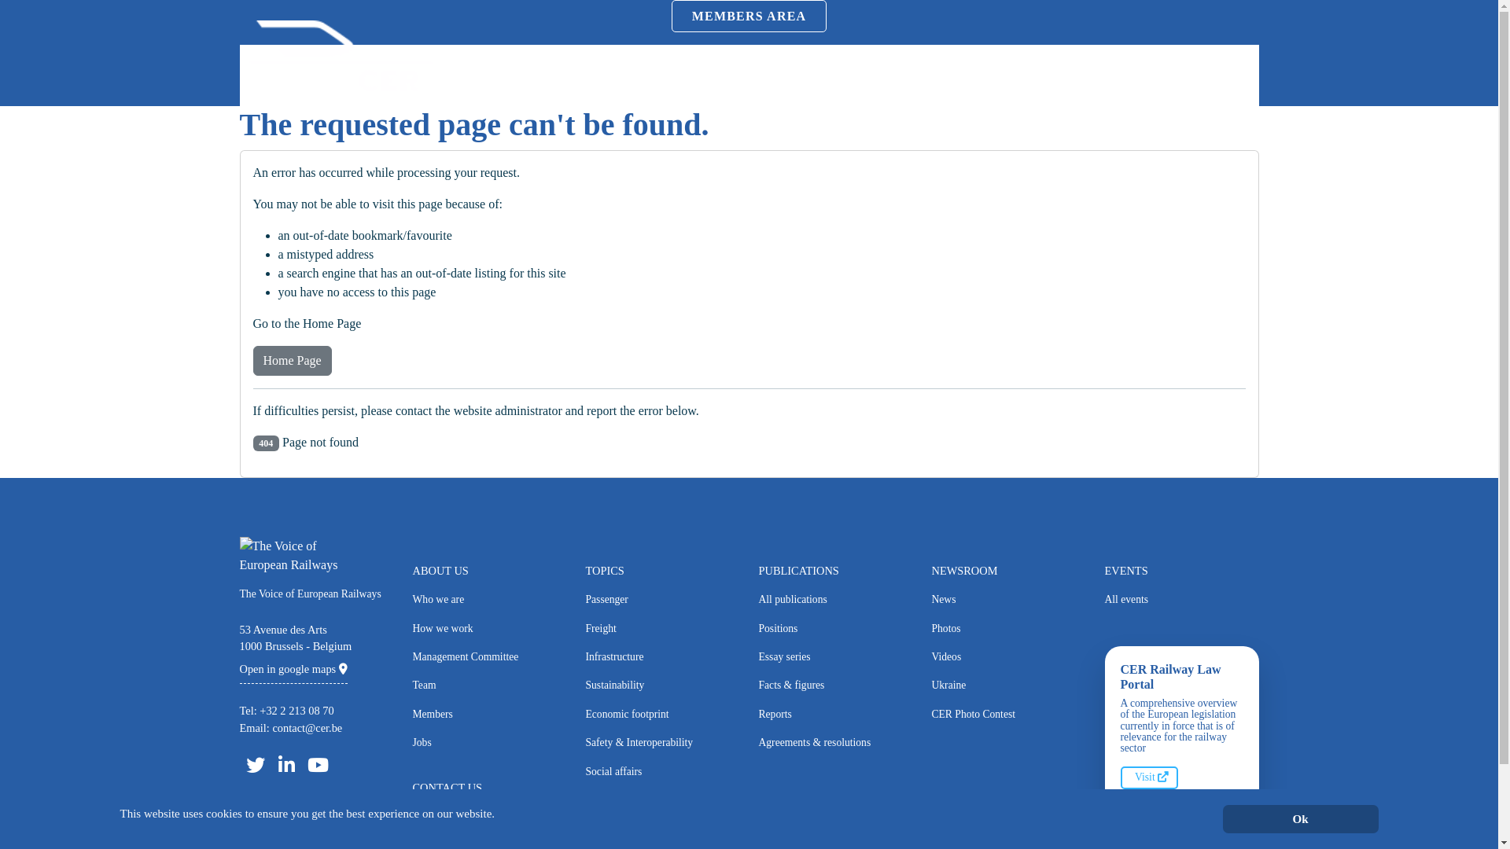  I want to click on 'Economic footprint', so click(661, 715).